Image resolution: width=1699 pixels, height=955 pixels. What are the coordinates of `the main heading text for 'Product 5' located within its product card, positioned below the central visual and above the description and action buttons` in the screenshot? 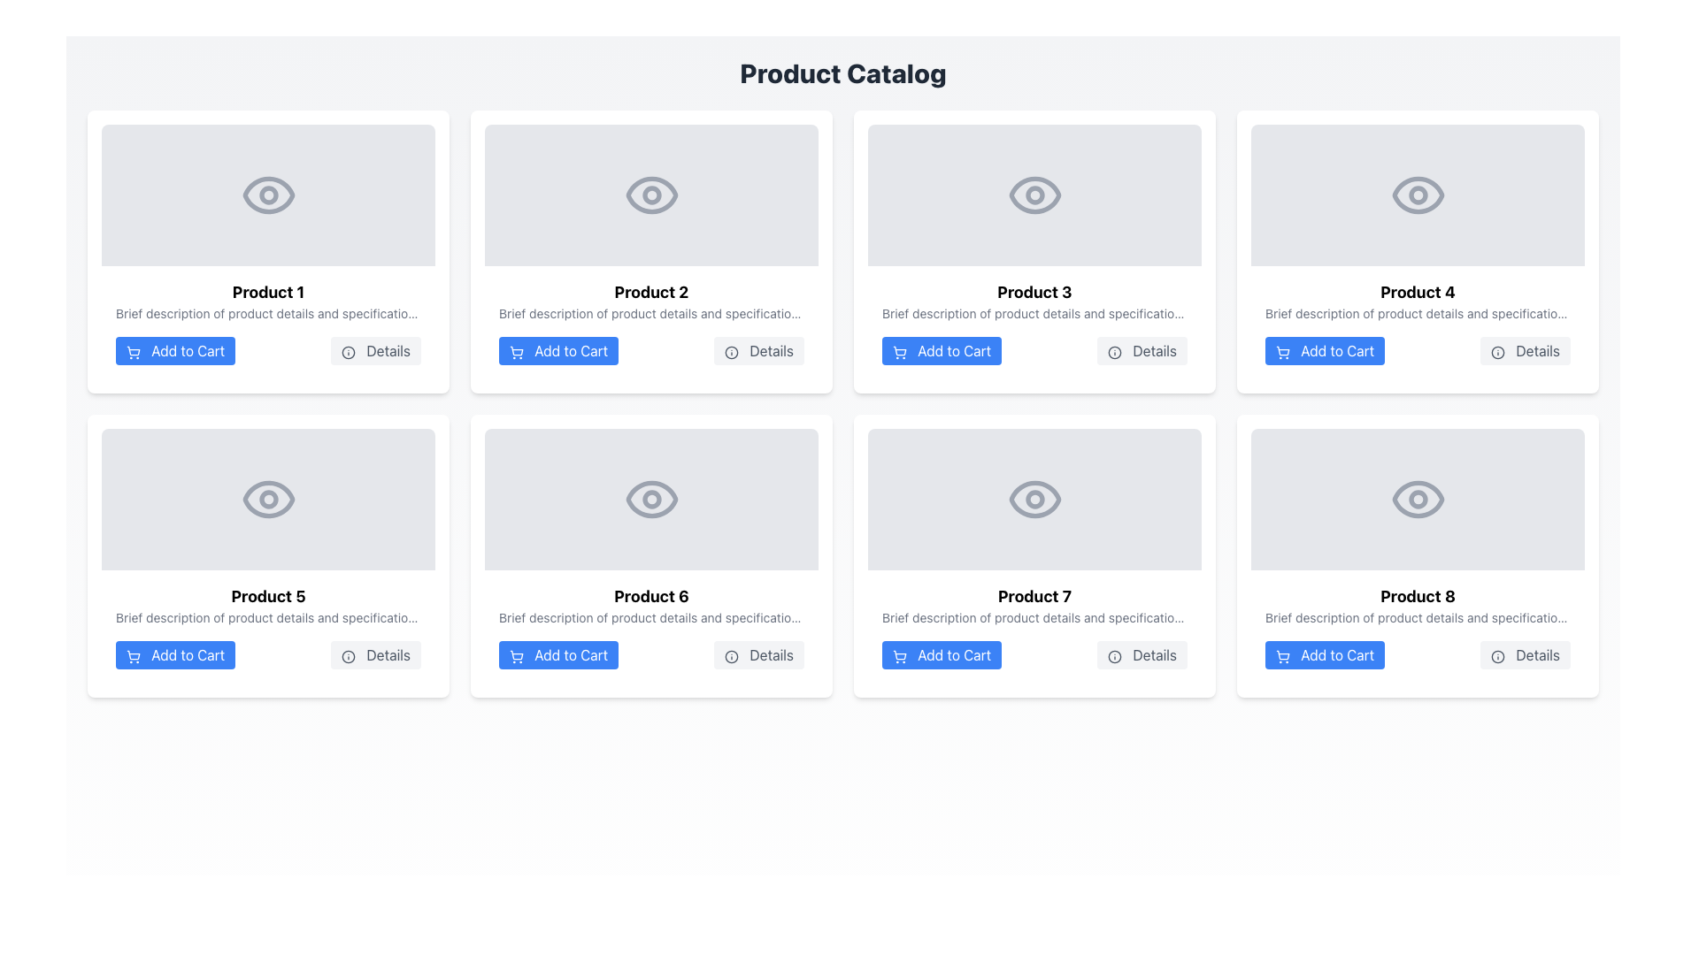 It's located at (267, 597).